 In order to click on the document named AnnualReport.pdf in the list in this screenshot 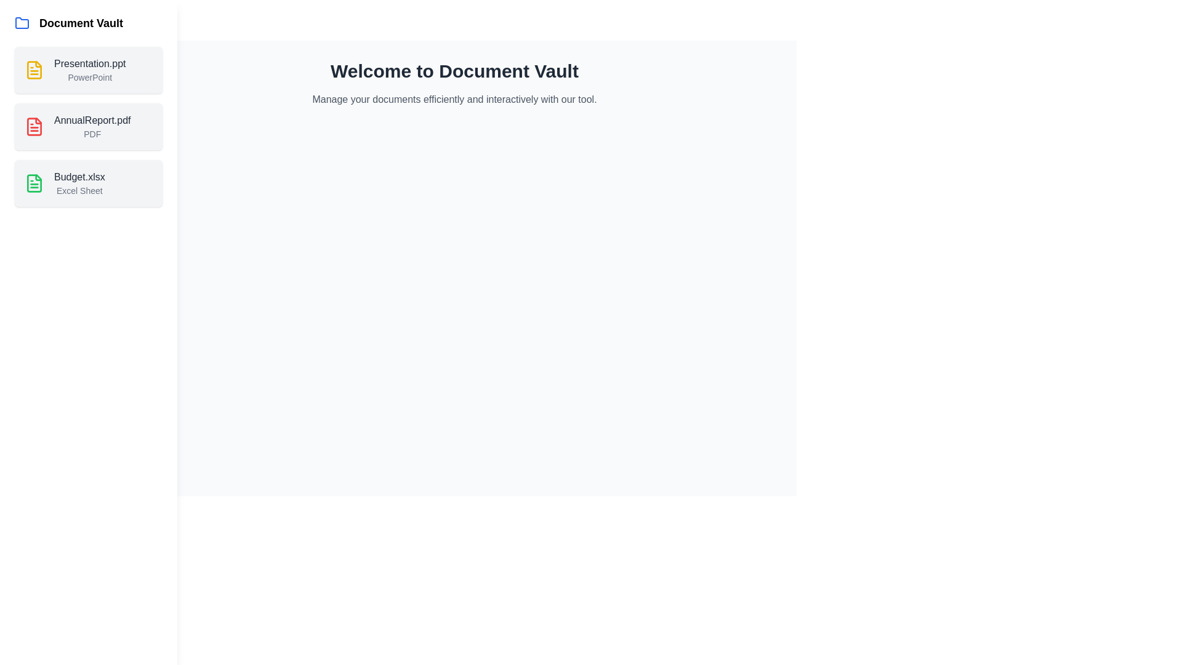, I will do `click(88, 126)`.